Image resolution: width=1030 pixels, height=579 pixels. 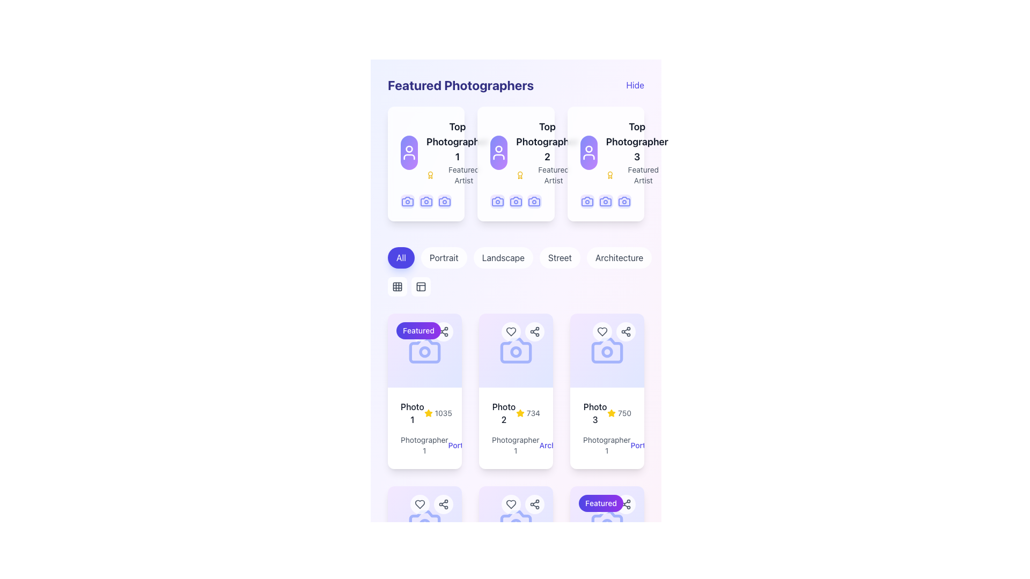 What do you see at coordinates (511, 331) in the screenshot?
I see `the heart icon located in the upper center of the second card in the first row of the photo section` at bounding box center [511, 331].